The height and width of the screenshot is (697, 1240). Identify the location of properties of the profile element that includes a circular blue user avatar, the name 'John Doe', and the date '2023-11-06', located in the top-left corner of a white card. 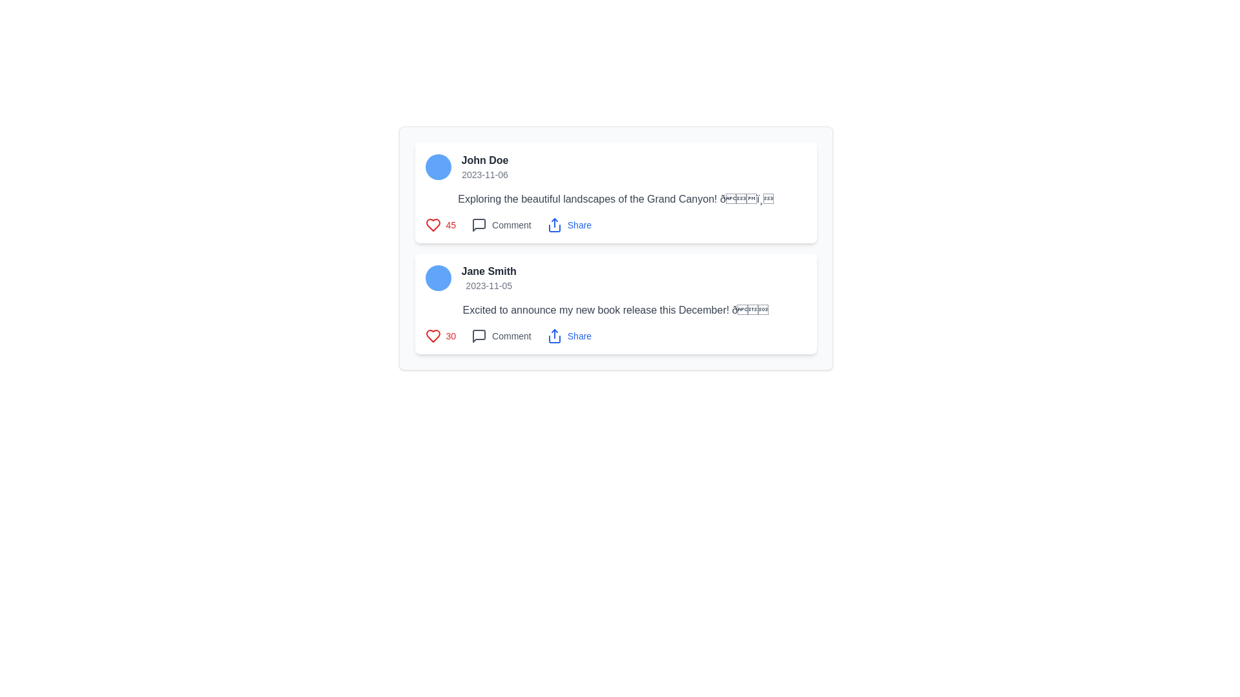
(615, 166).